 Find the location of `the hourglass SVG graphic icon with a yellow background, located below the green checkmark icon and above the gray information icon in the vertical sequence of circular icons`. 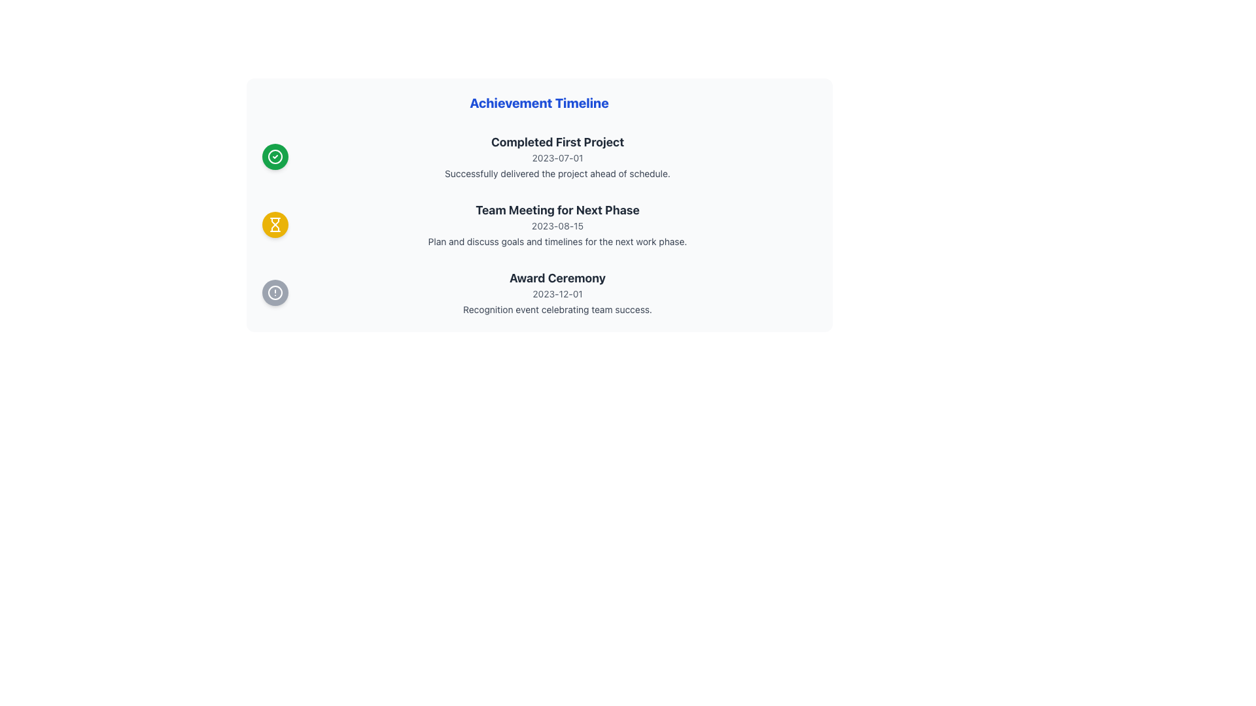

the hourglass SVG graphic icon with a yellow background, located below the green checkmark icon and above the gray information icon in the vertical sequence of circular icons is located at coordinates (274, 224).